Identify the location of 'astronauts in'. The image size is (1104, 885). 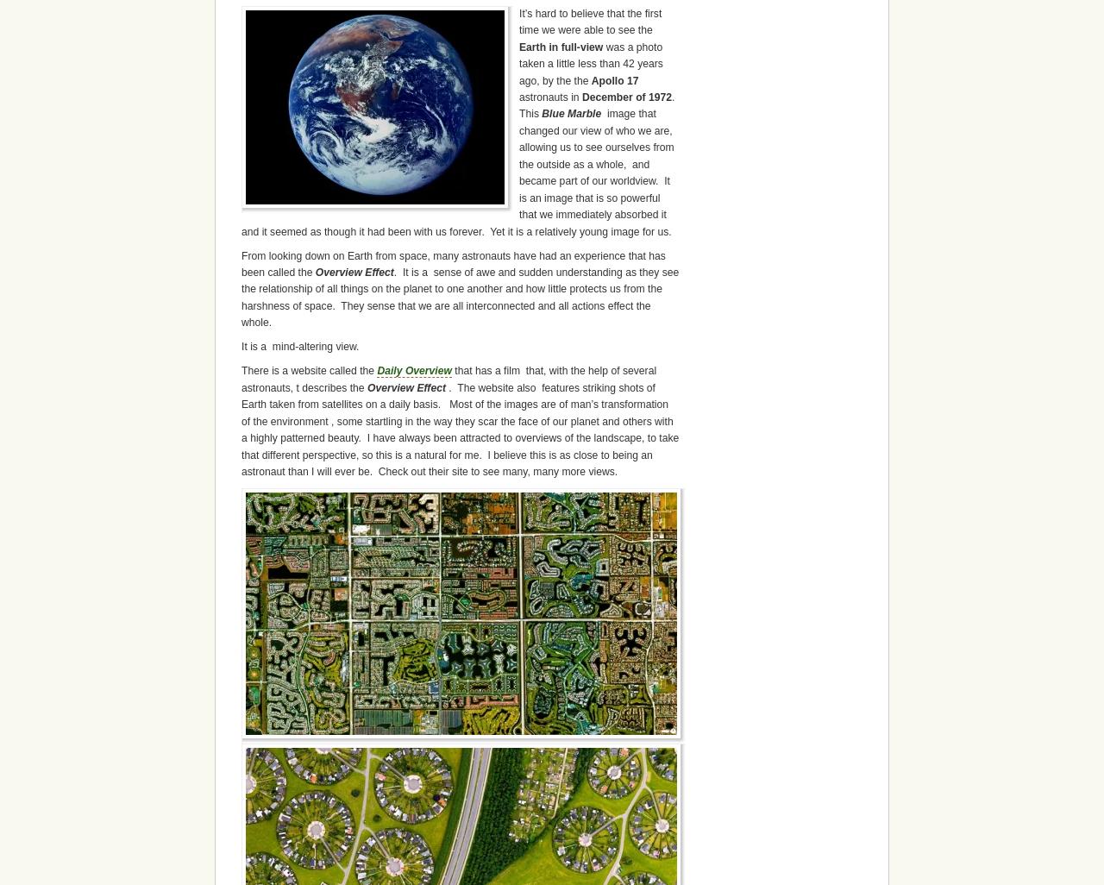
(549, 97).